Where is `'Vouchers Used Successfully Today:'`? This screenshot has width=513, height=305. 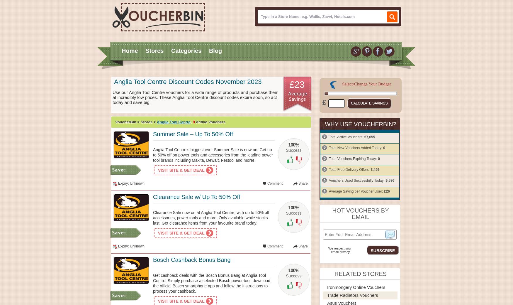
'Vouchers Used Successfully Today:' is located at coordinates (329, 180).